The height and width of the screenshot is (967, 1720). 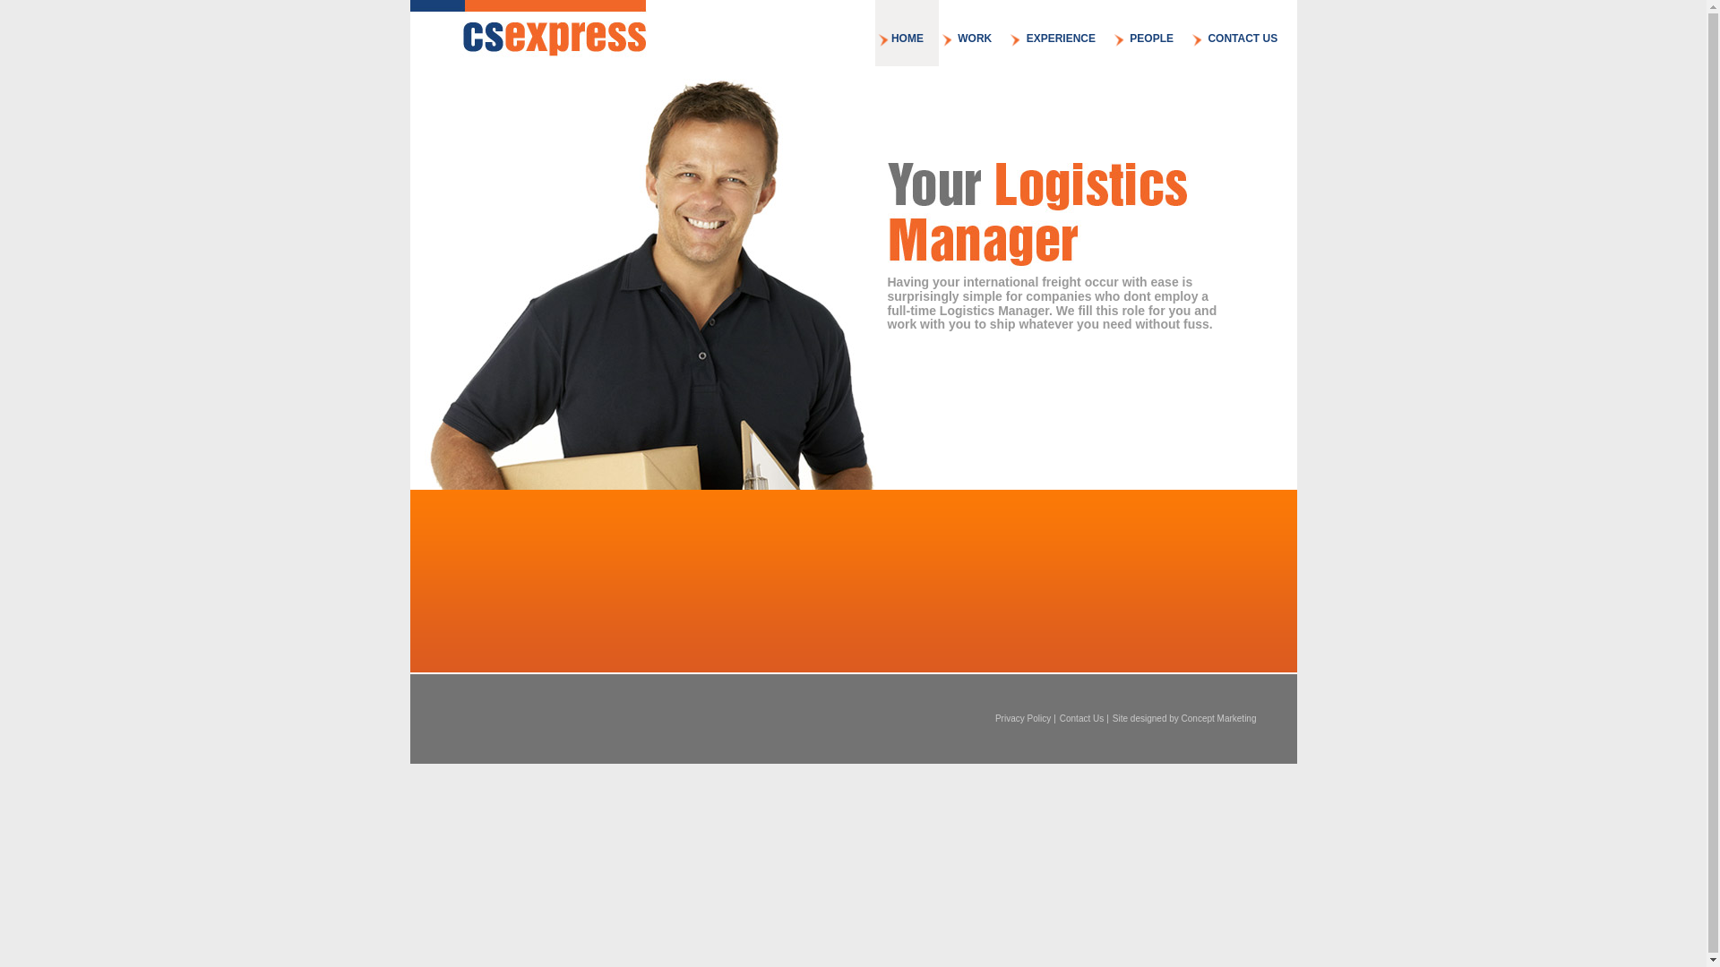 What do you see at coordinates (1023, 717) in the screenshot?
I see `'Privacy Policy'` at bounding box center [1023, 717].